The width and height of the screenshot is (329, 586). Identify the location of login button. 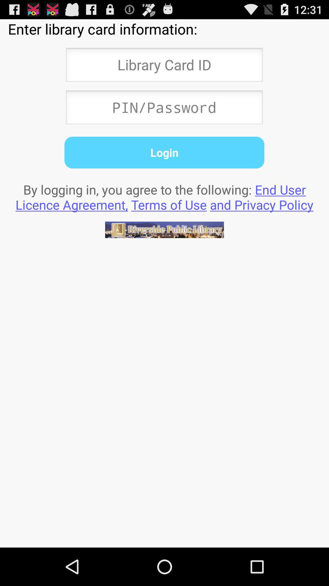
(164, 152).